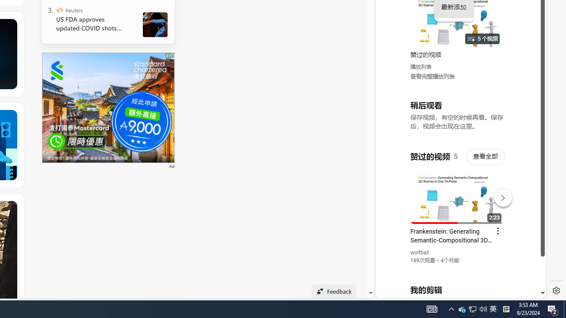  I want to click on 'US FDA approves updated COVID shots ahead of fall and winter', so click(92, 23).